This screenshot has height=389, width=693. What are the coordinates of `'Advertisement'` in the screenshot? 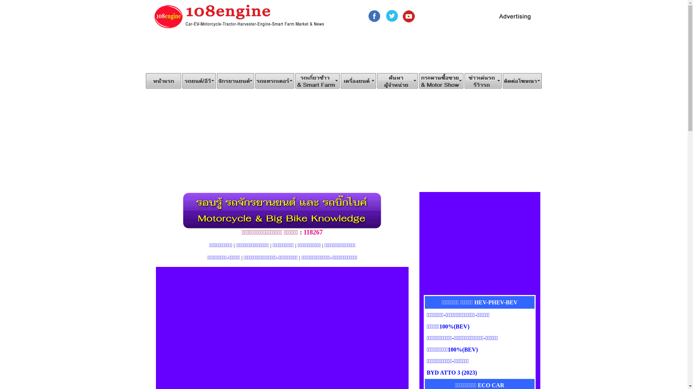 It's located at (480, 243).